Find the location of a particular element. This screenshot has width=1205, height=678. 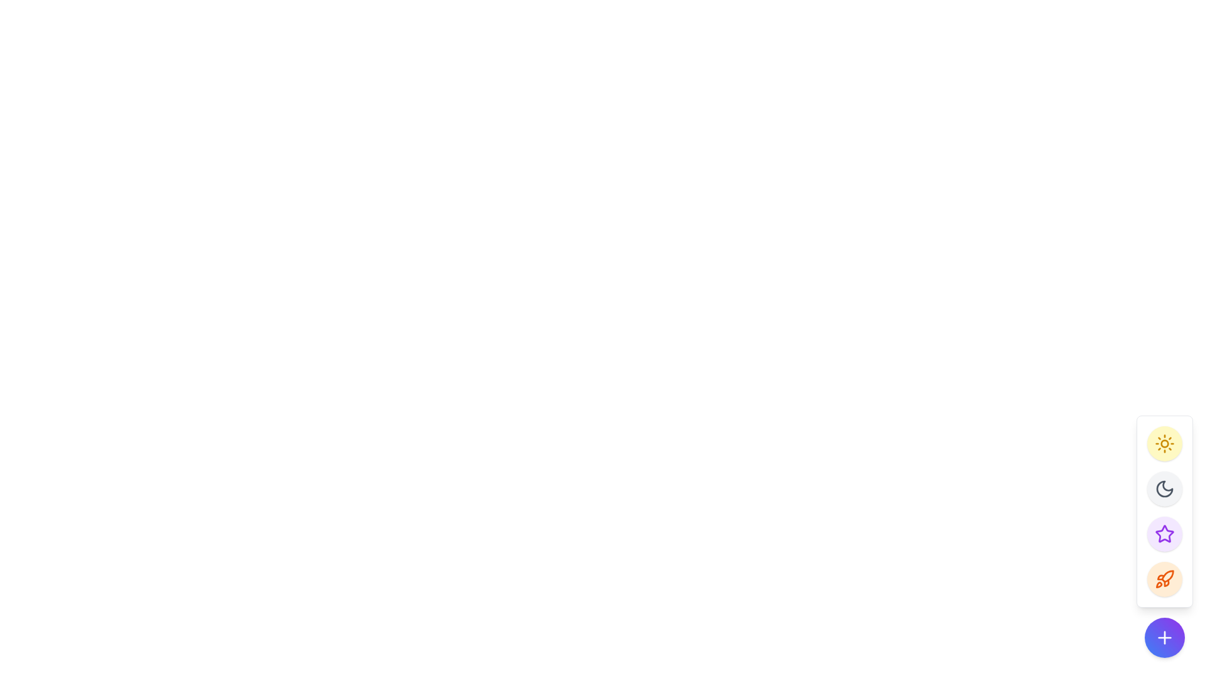

the star-shaped button with a purple outline, the third in a vertical set of four icons on the right edge of the interface is located at coordinates (1164, 534).